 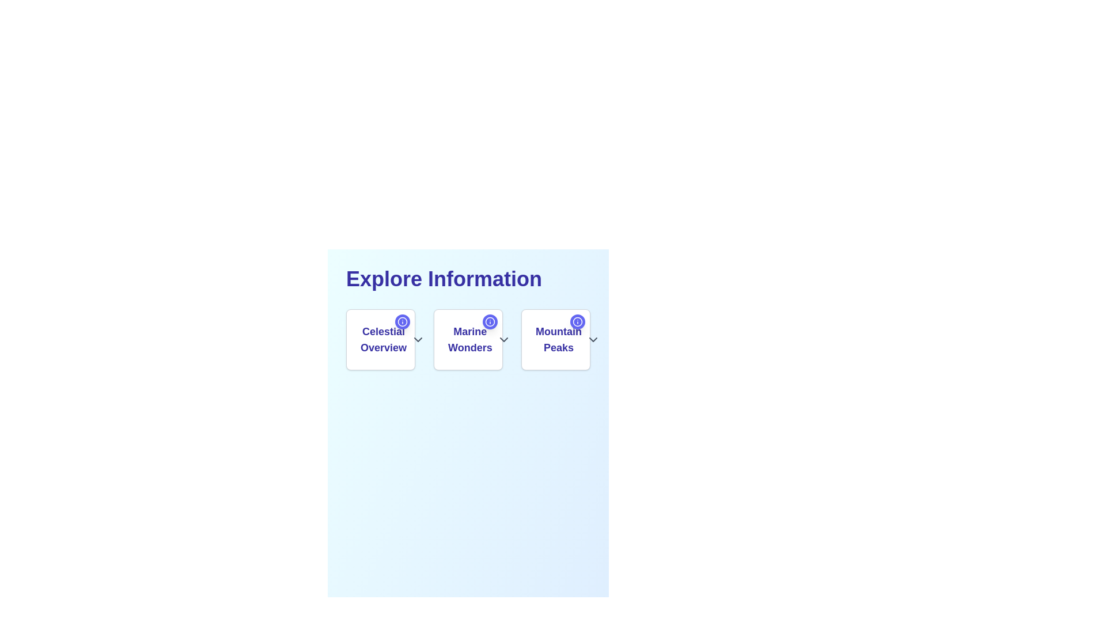 What do you see at coordinates (381, 339) in the screenshot?
I see `the text label displaying 'Celestial Overview', which is the leftmost card in the 'Explore Information' section, positioned left of 'Marine Wonders'` at bounding box center [381, 339].